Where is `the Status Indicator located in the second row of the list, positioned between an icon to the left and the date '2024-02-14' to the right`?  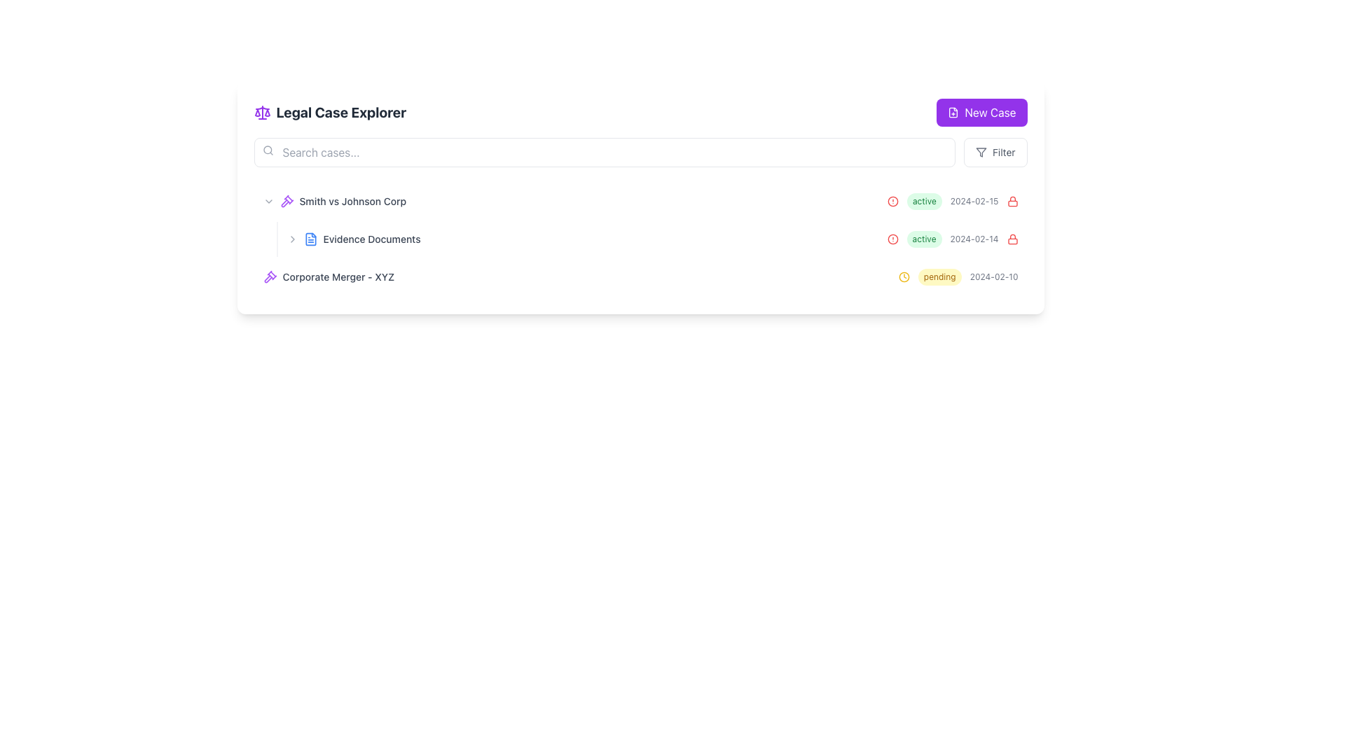
the Status Indicator located in the second row of the list, positioned between an icon to the left and the date '2024-02-14' to the right is located at coordinates (924, 239).